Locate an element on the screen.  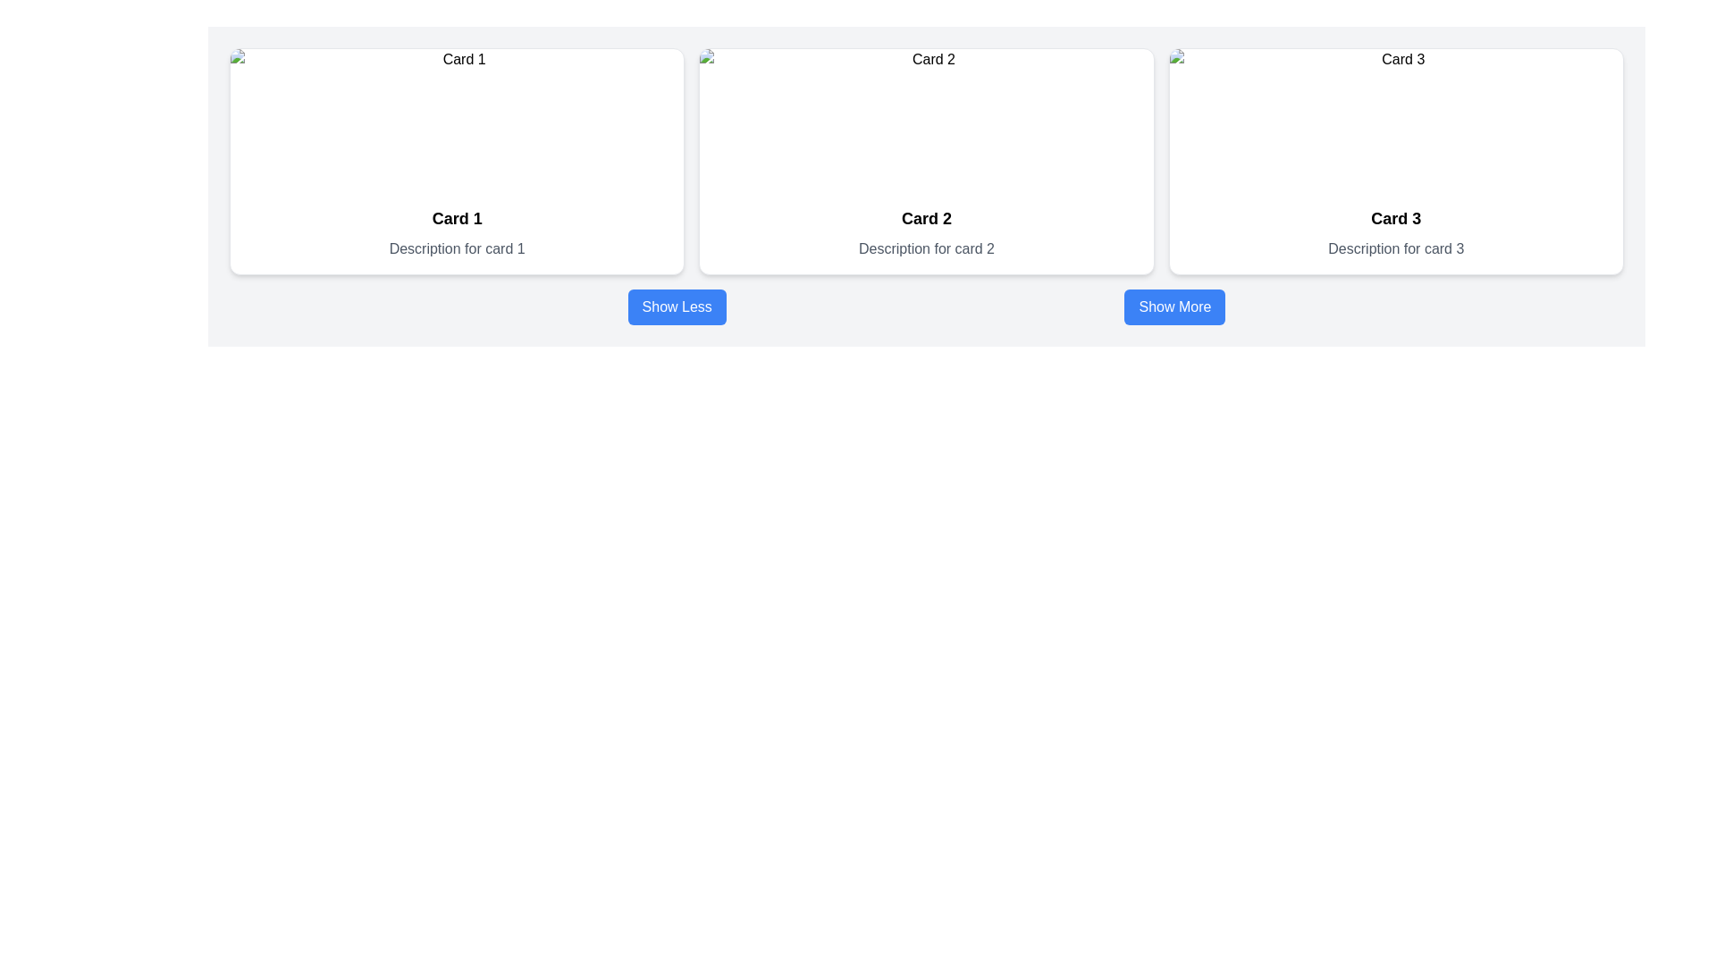
the title on the first informational card in the grid layout is located at coordinates (457, 162).